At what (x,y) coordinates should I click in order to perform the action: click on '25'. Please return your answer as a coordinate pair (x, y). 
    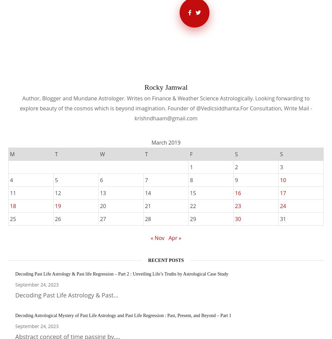
    Looking at the image, I should click on (13, 219).